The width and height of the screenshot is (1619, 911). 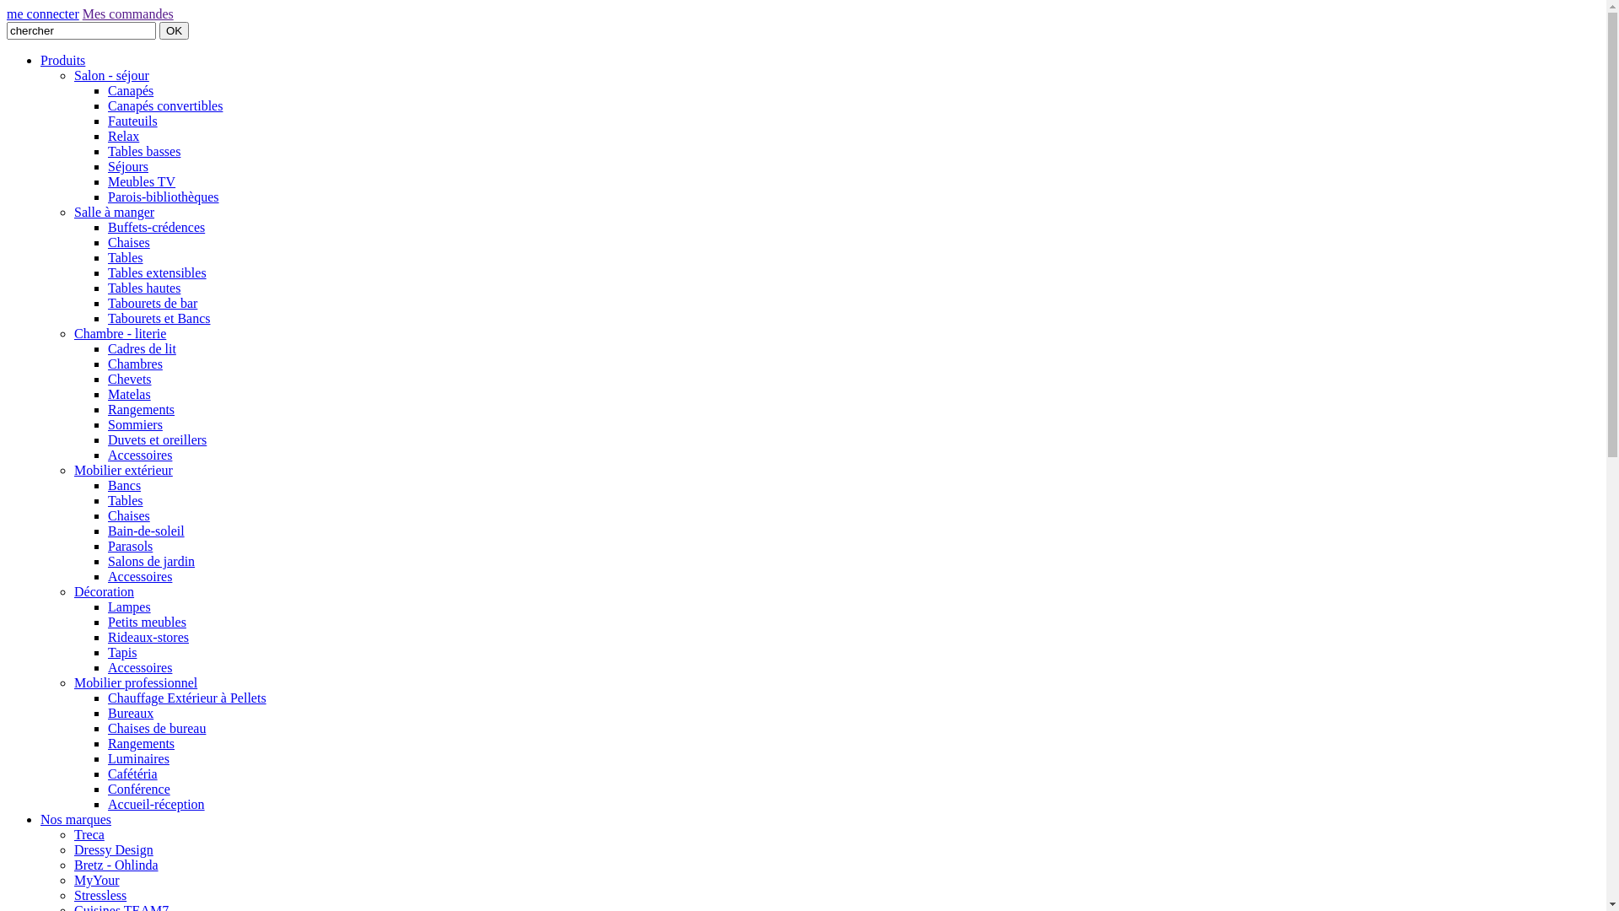 I want to click on 'Matelas', so click(x=107, y=394).